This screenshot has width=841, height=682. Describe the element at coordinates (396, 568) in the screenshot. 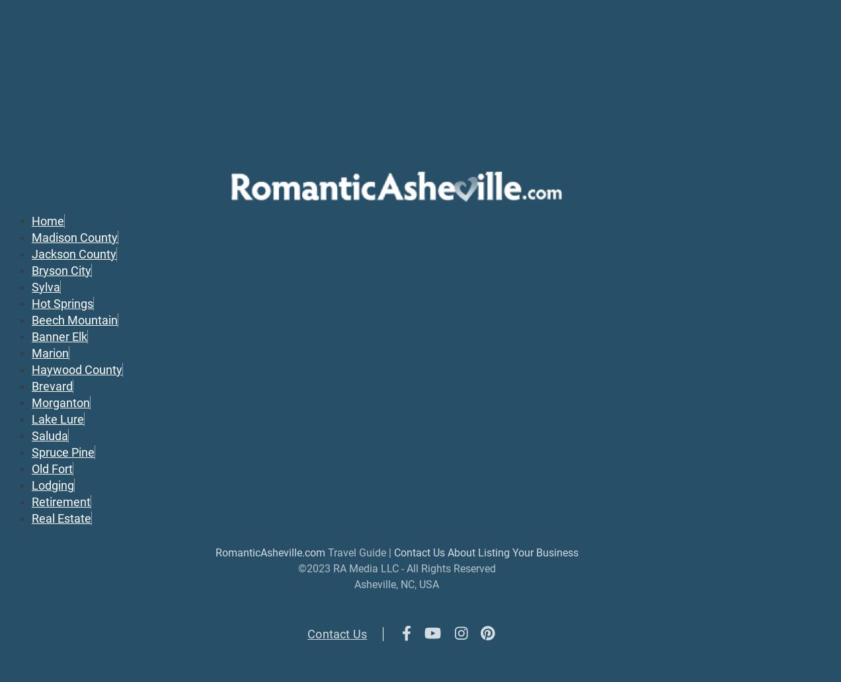

I see `'©2023 RA Media LLC - All Rights Reserved'` at that location.